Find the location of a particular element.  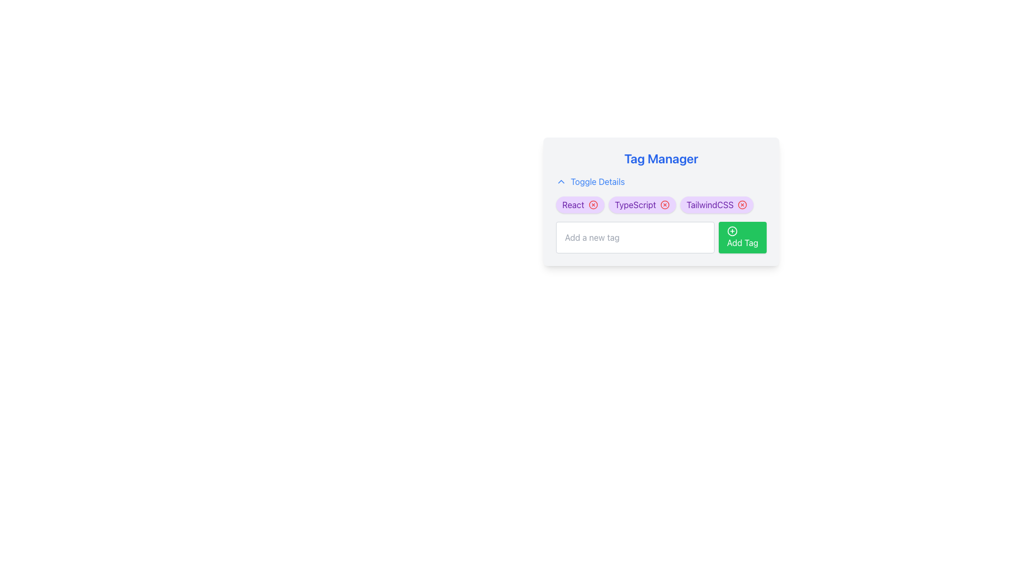

the Decorative Icon, which is a circular outline located at the center of the green 'Add Tag' button in the 'Tag Manager' section is located at coordinates (731, 231).